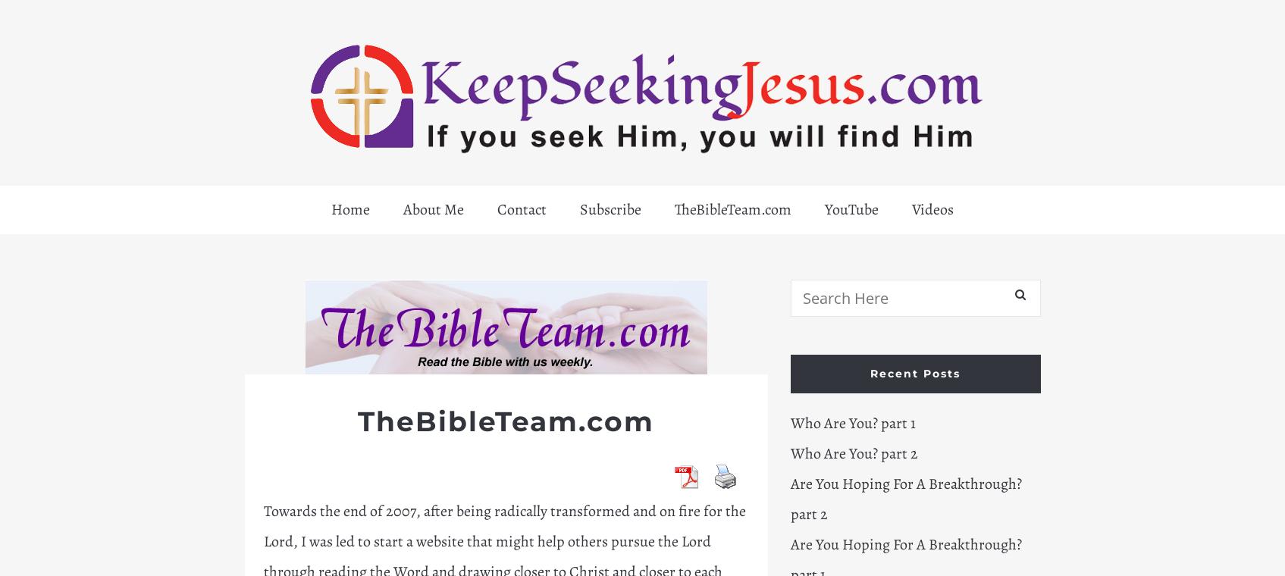 The height and width of the screenshot is (576, 1285). Describe the element at coordinates (851, 423) in the screenshot. I see `'Who Are You? part 1'` at that location.